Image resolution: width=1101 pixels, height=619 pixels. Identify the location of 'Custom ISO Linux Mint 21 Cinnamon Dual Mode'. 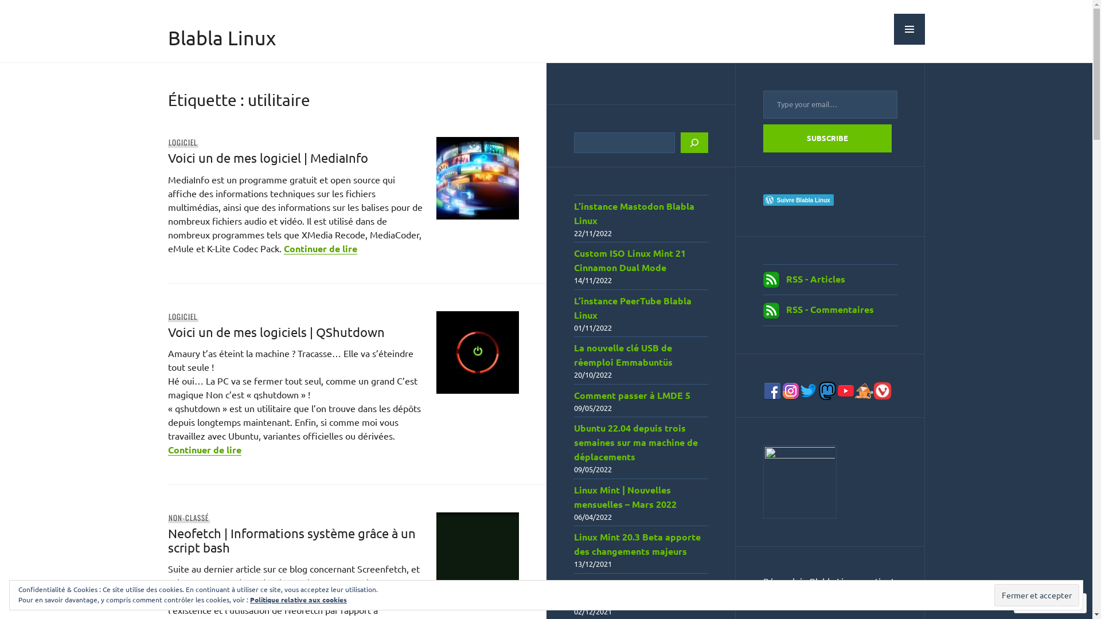
(628, 260).